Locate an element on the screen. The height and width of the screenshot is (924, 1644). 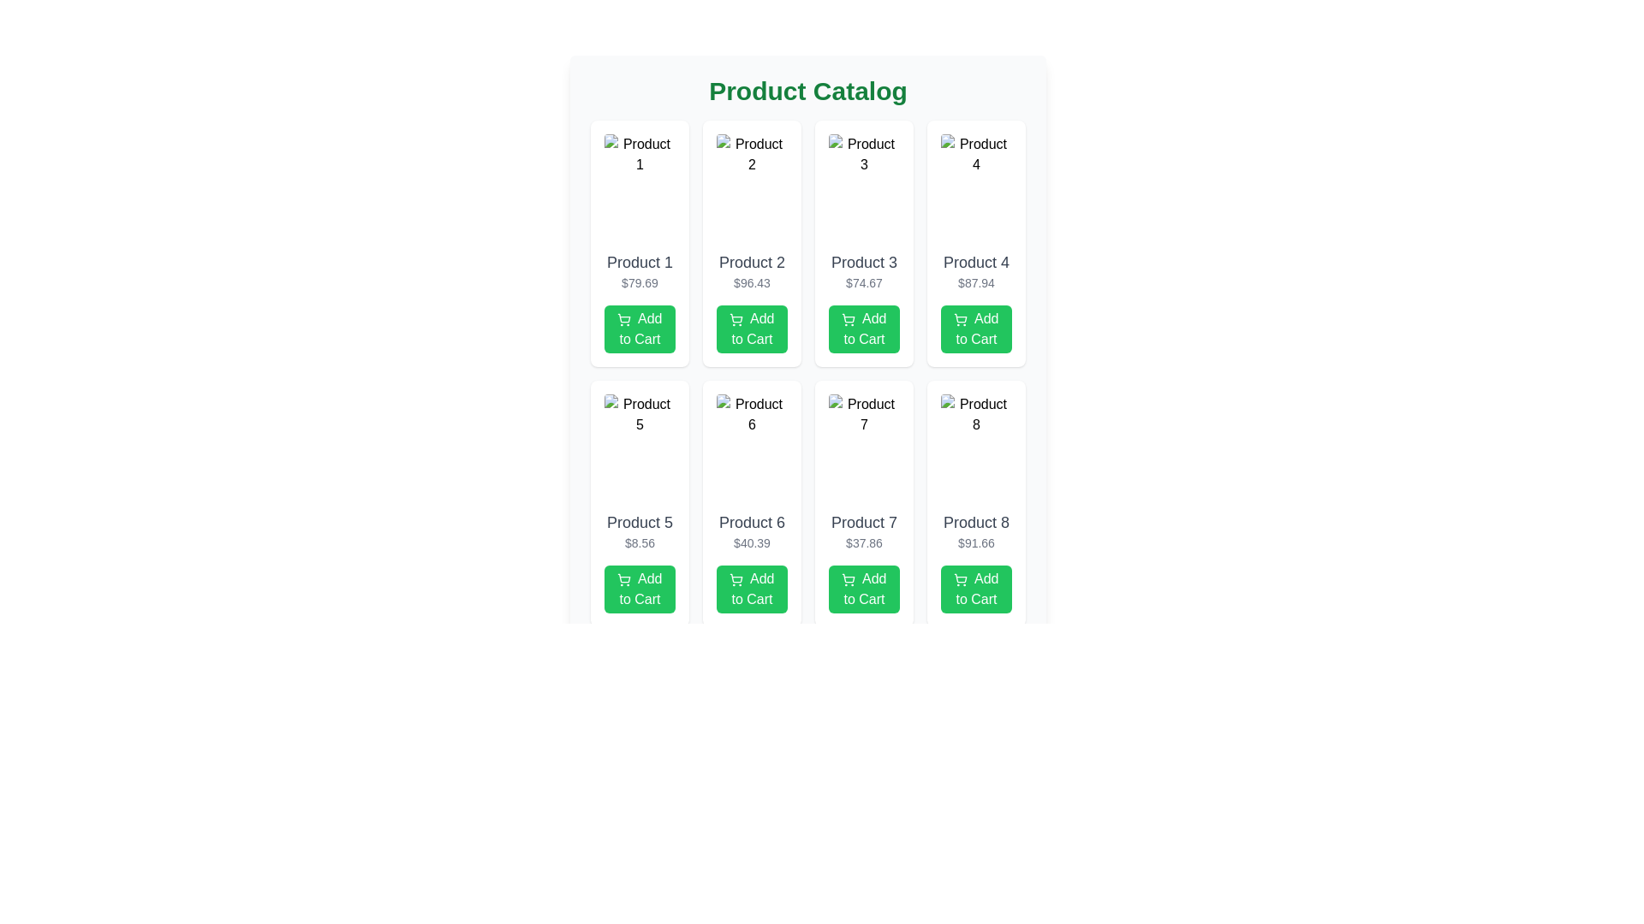
the 'Add to Cart' button located in the bottom section of the product card for 'Product 2' priced at $96.43, which is positioned in the first row and second column of the grid layout is located at coordinates (752, 329).